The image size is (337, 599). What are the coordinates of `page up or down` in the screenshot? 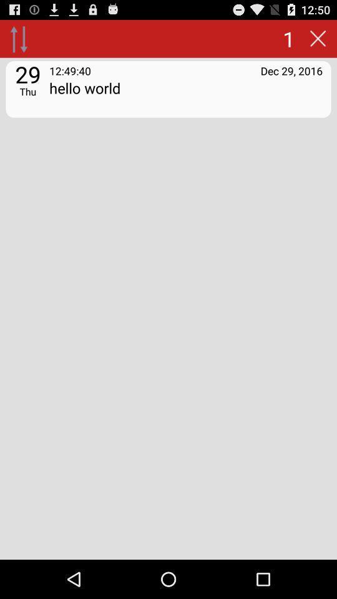 It's located at (18, 38).